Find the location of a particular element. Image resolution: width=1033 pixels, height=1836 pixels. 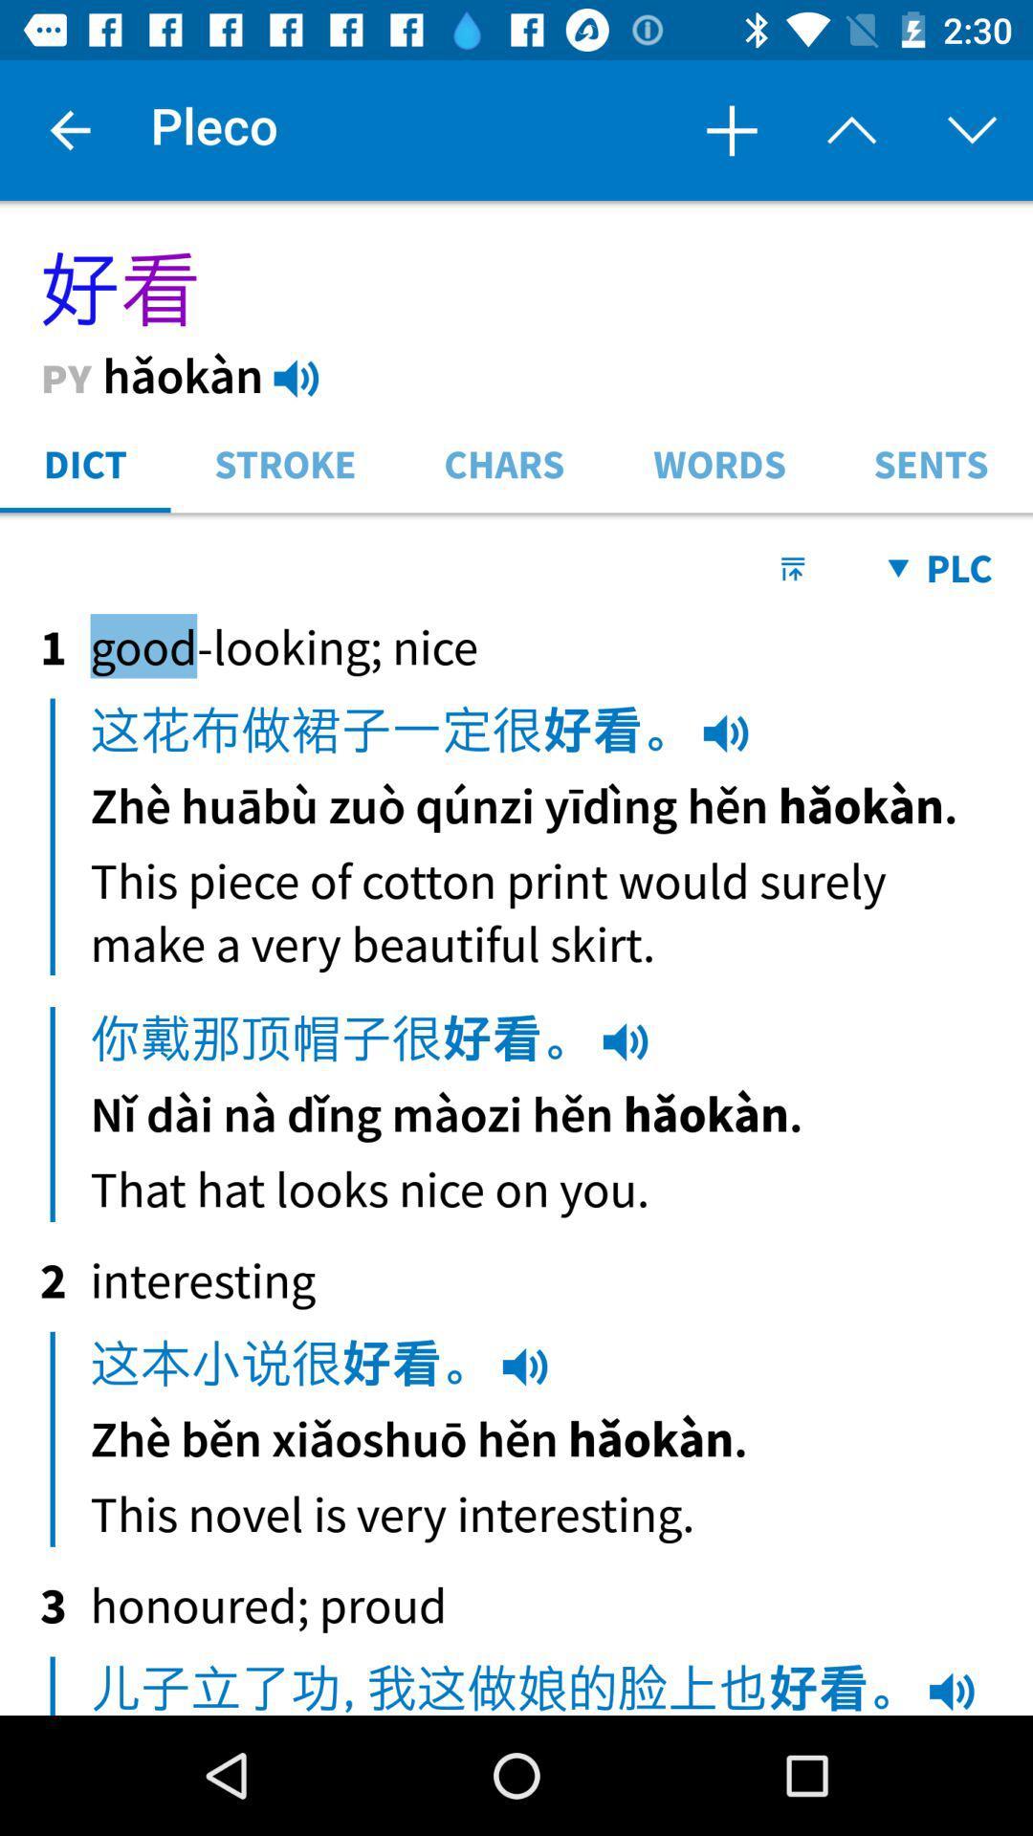

button next to is located at coordinates (851, 130).